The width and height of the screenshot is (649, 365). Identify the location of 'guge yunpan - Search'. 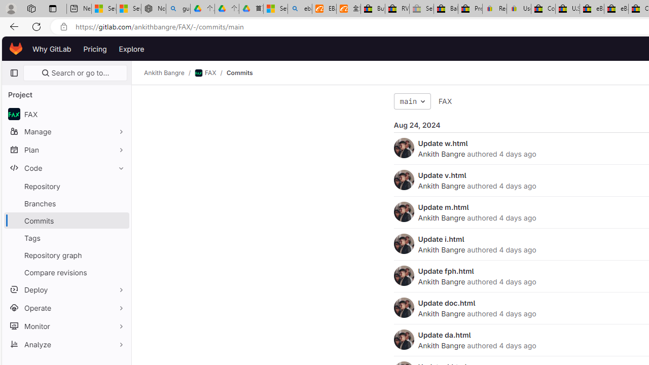
(178, 9).